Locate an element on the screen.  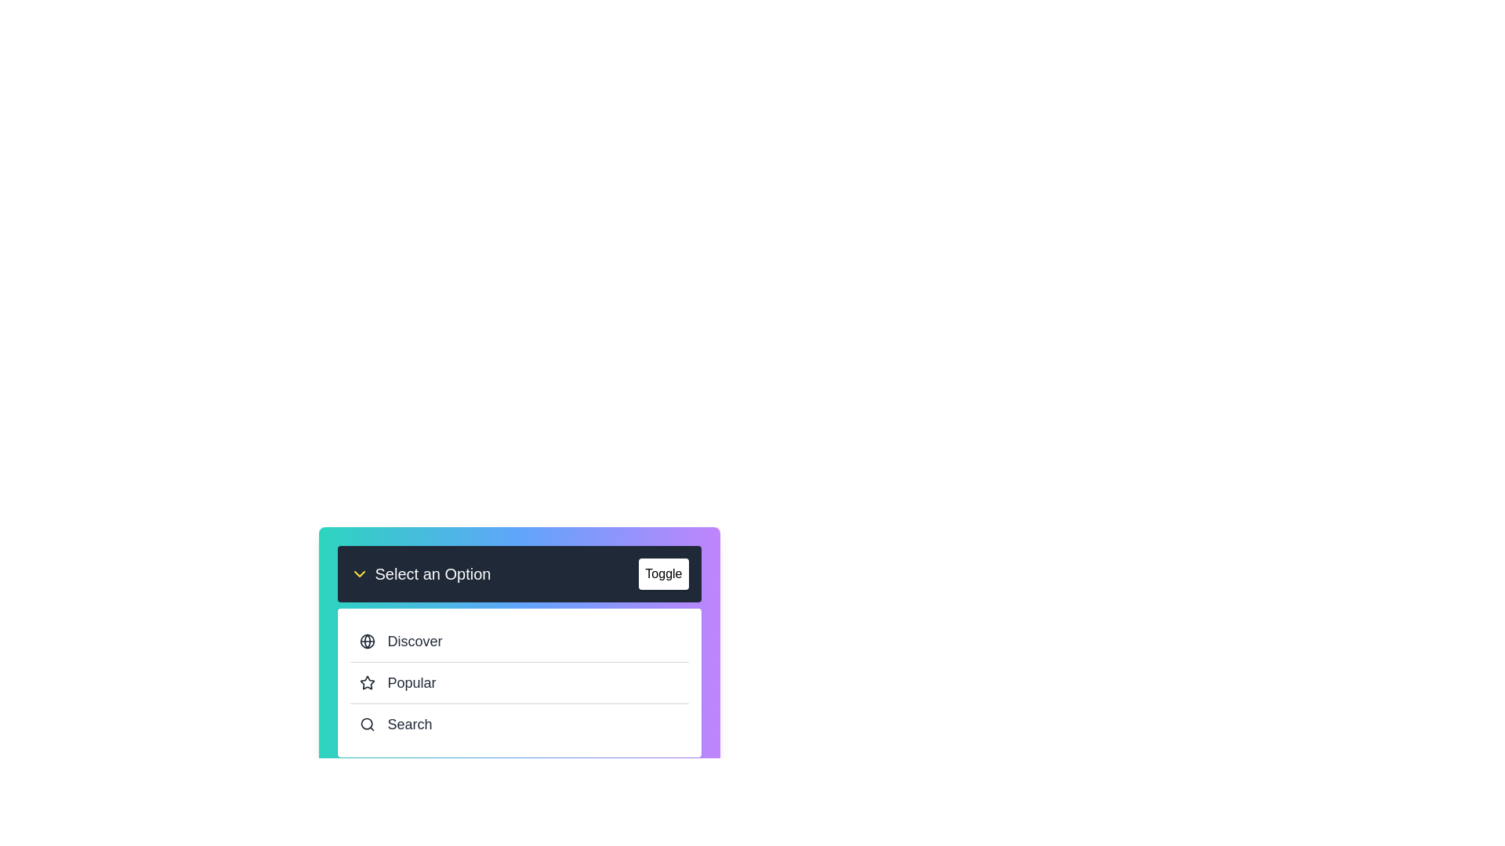
the Search from the dropdown menu is located at coordinates (519, 724).